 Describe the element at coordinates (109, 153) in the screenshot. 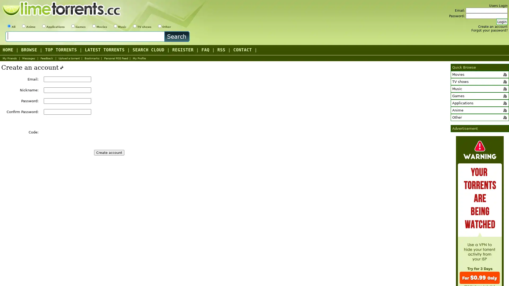

I see `Create account` at that location.